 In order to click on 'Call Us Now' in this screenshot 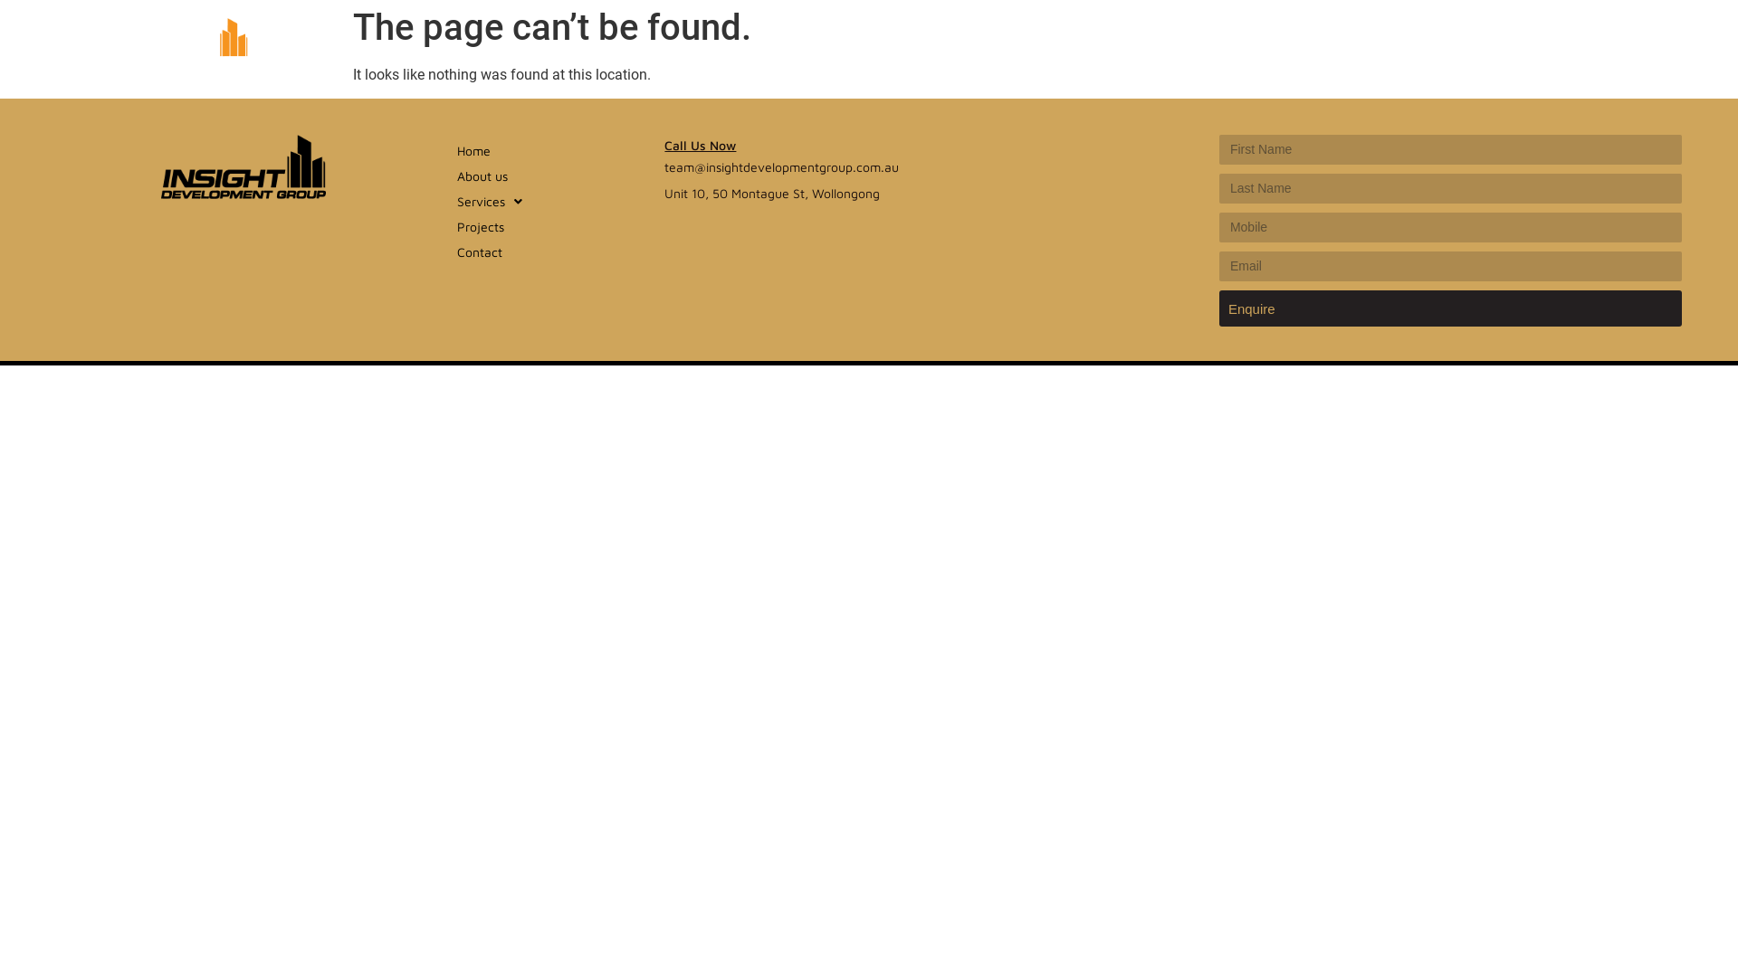, I will do `click(699, 144)`.